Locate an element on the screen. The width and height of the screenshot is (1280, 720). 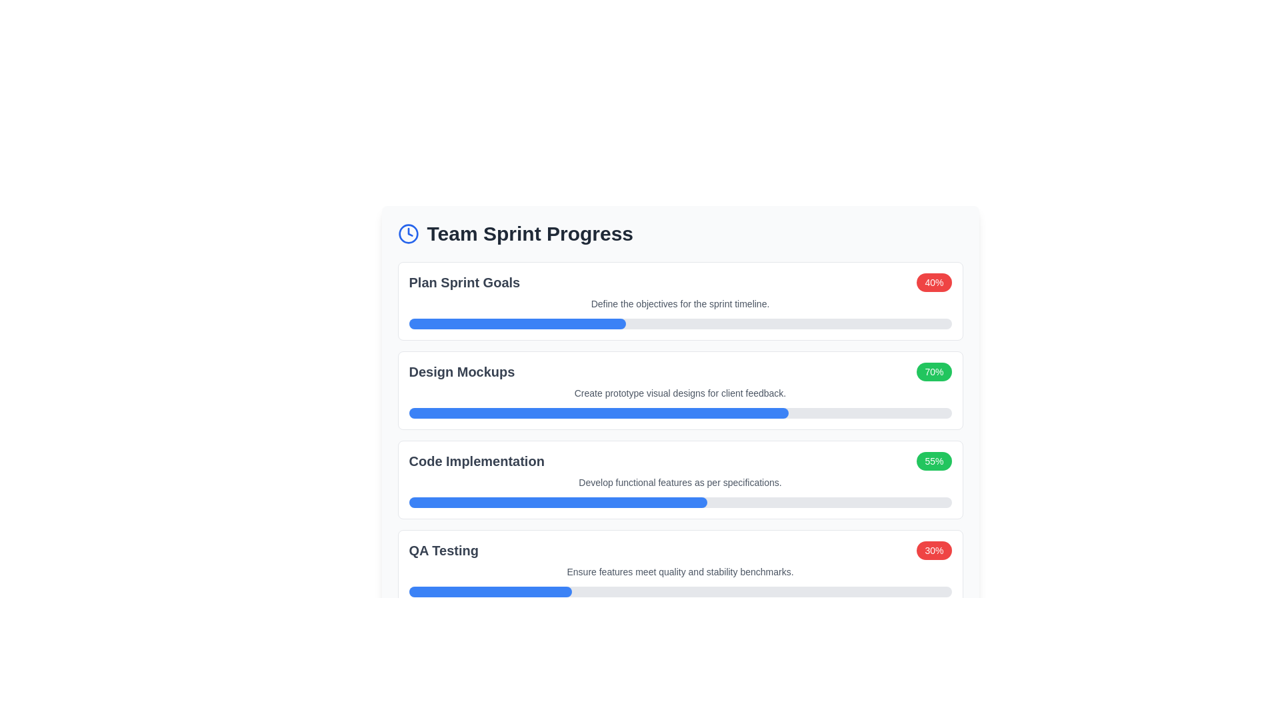
the text label that describes the task or milestone associated with the 'Code Implementation' progress category, located centrally under the heading 'Code Implementation' is located at coordinates (680, 483).